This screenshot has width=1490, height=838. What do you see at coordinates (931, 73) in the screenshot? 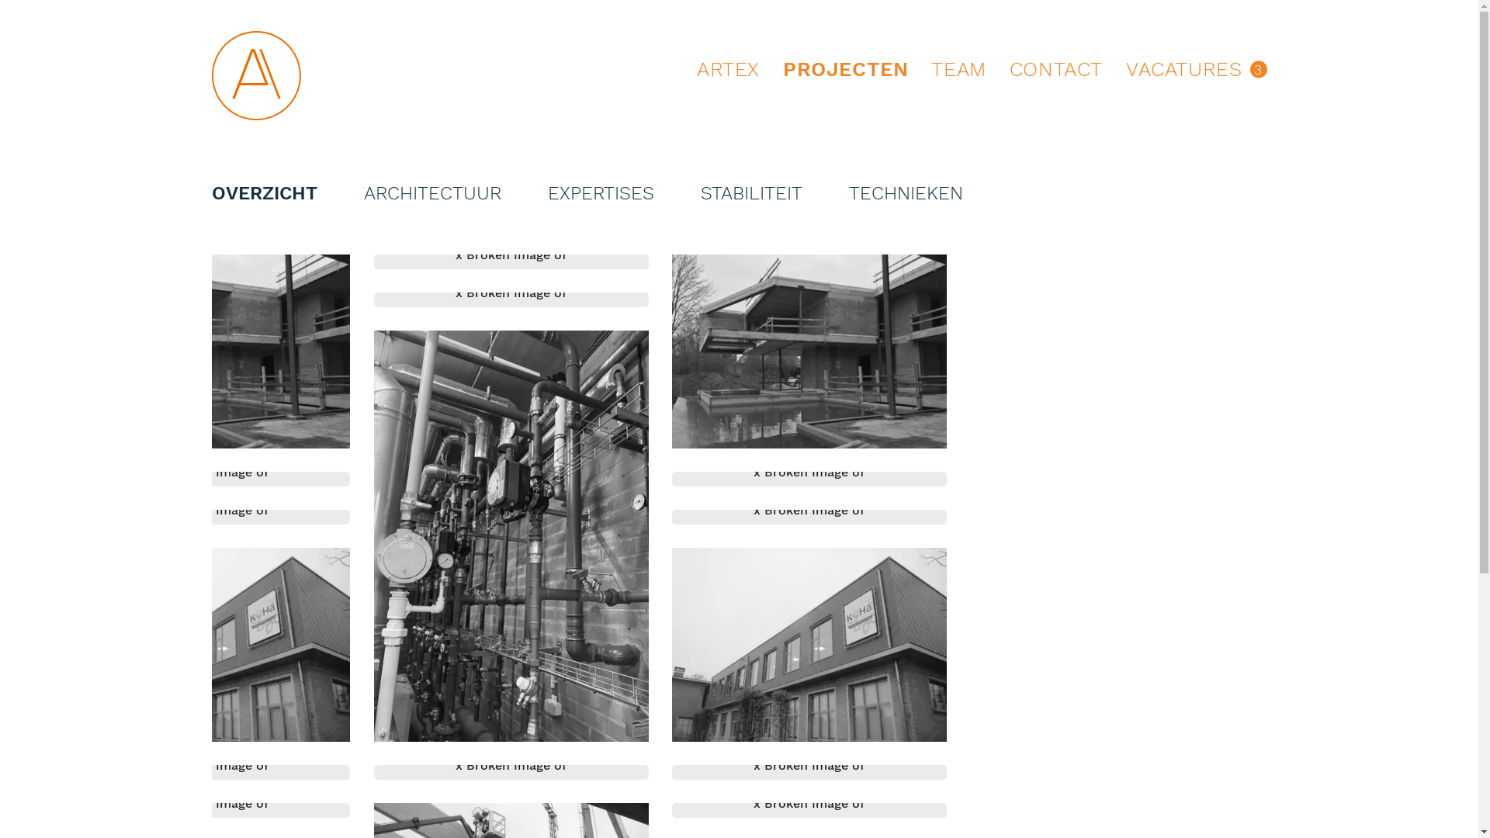
I see `'TEAM'` at bounding box center [931, 73].